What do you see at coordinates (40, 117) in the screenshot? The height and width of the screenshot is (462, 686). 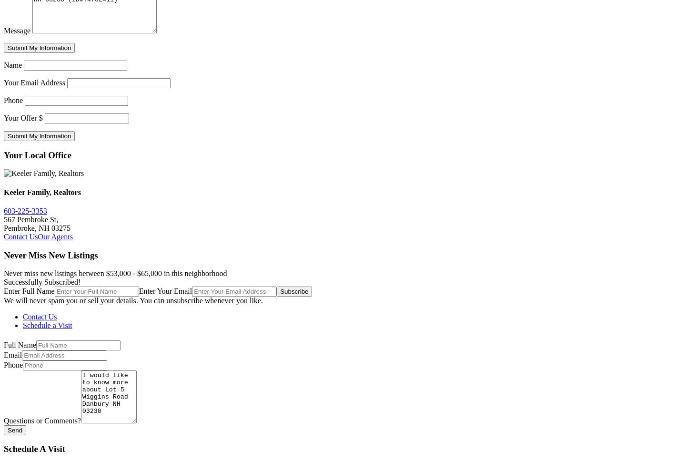 I see `'$'` at bounding box center [40, 117].